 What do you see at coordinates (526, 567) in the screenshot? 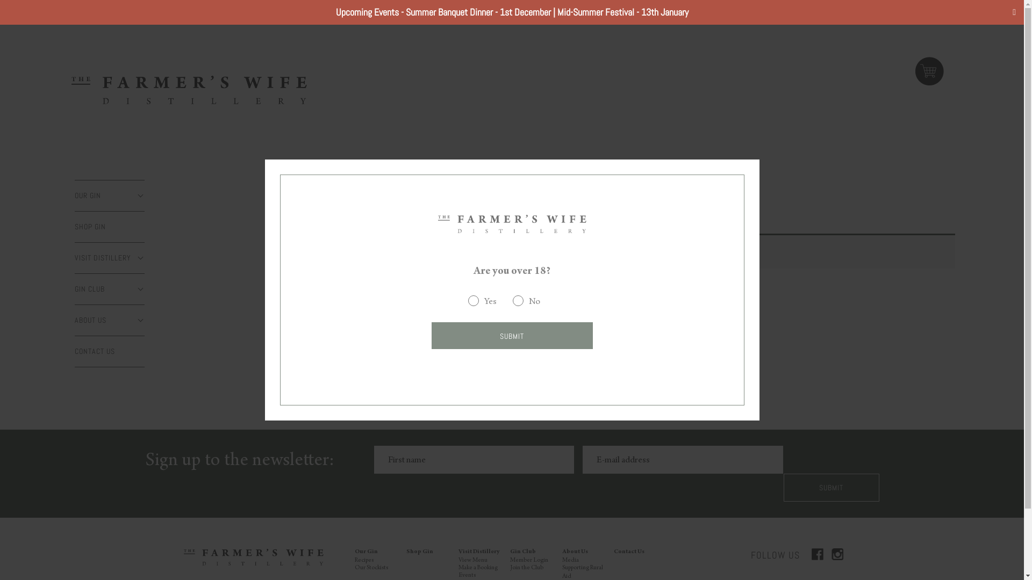
I see `'Join the Club'` at bounding box center [526, 567].